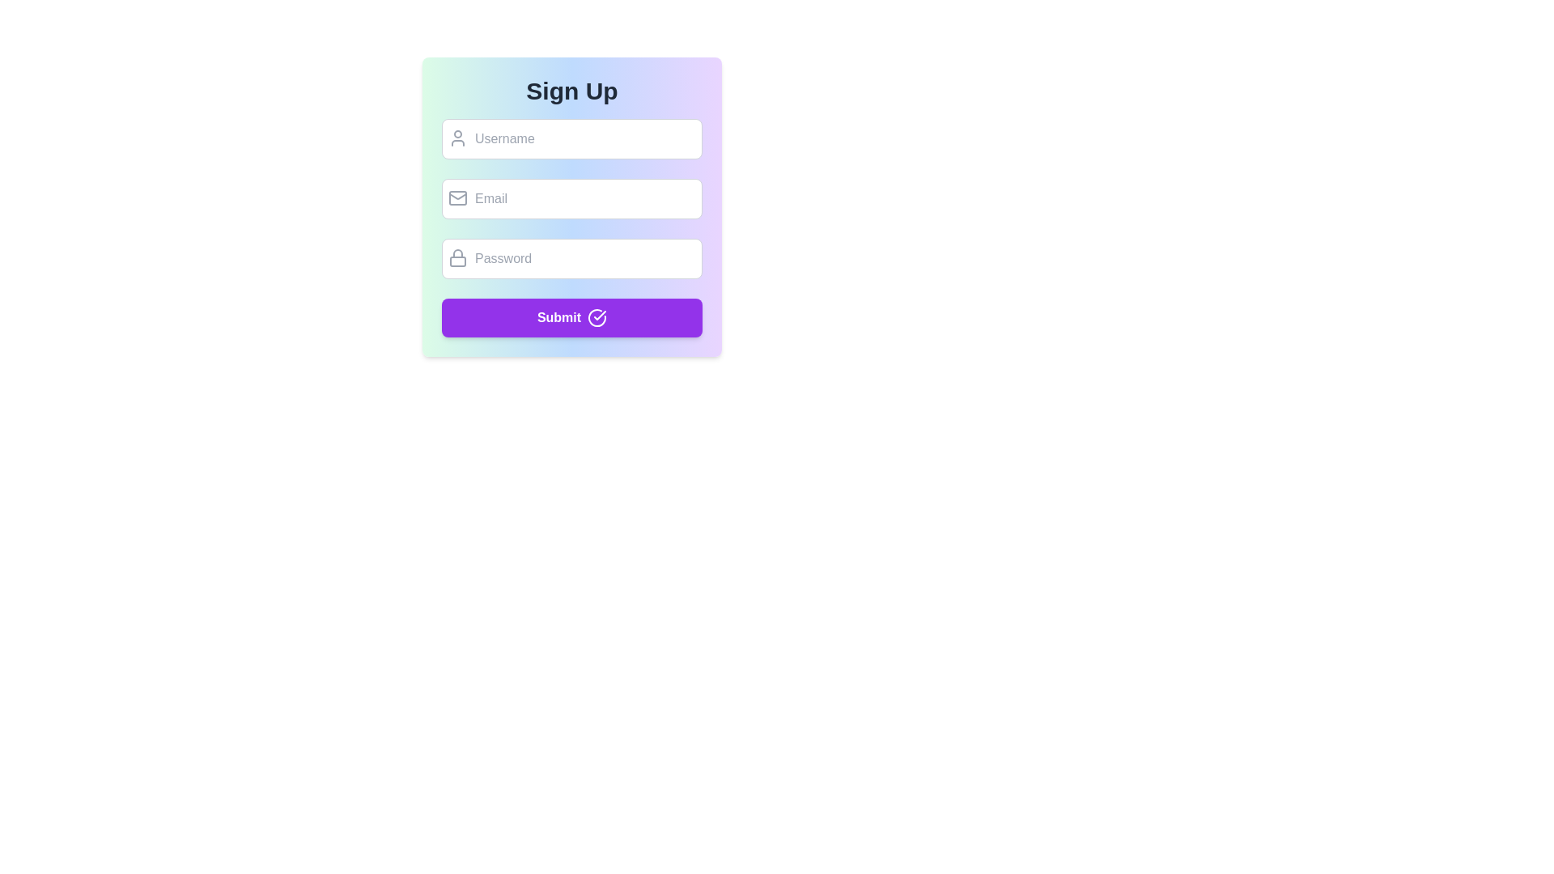  What do you see at coordinates (457, 197) in the screenshot?
I see `the email input field icon which visually indicates the purpose of the adjacent email address input field in the sign-up form` at bounding box center [457, 197].